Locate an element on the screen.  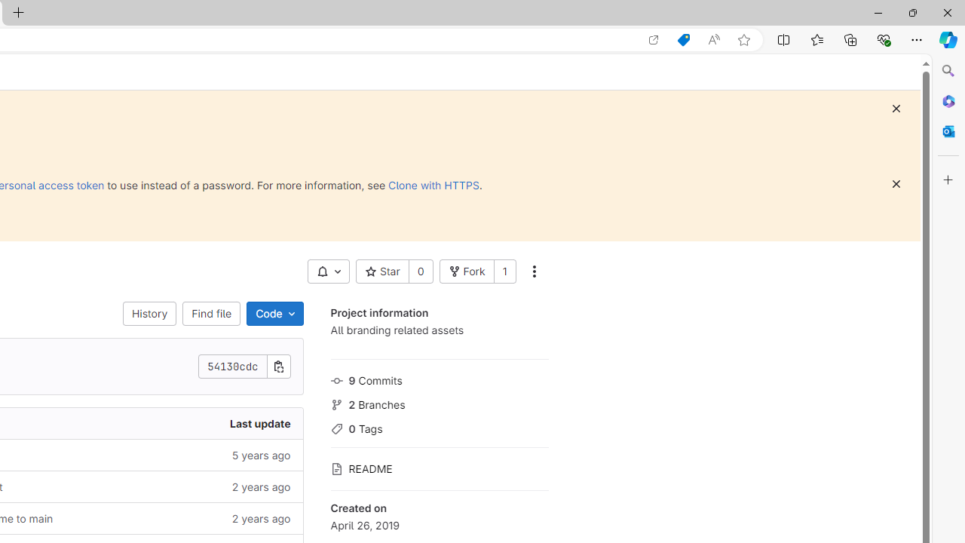
' Star' is located at coordinates (381, 271).